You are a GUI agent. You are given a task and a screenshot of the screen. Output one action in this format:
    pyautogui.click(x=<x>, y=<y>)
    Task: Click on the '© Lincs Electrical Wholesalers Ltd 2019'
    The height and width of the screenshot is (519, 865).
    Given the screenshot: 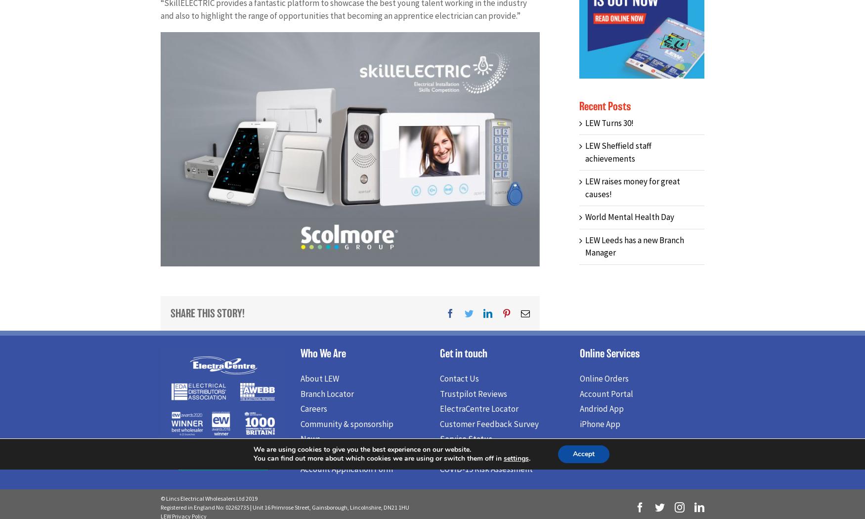 What is the action you would take?
    pyautogui.click(x=208, y=500)
    